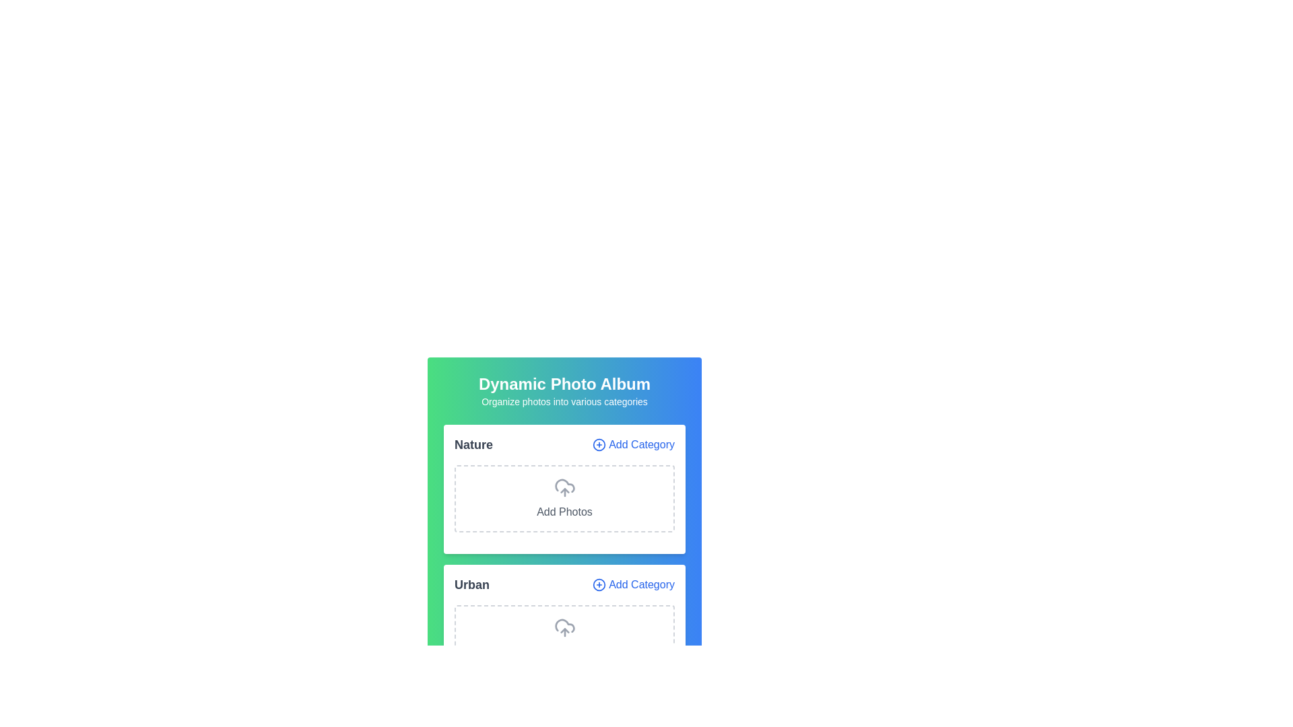  What do you see at coordinates (599, 584) in the screenshot?
I see `the circular border of the 'Add Category' button located on the right side of the 'Urban' section's header` at bounding box center [599, 584].